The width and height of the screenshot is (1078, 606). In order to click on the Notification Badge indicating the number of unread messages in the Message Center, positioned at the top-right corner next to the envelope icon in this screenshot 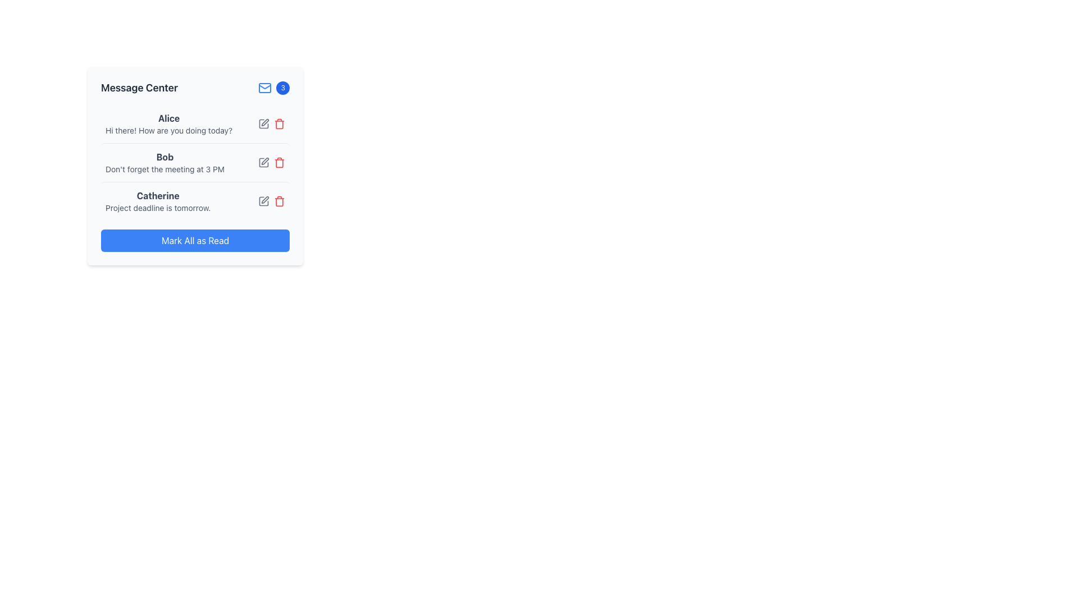, I will do `click(274, 88)`.